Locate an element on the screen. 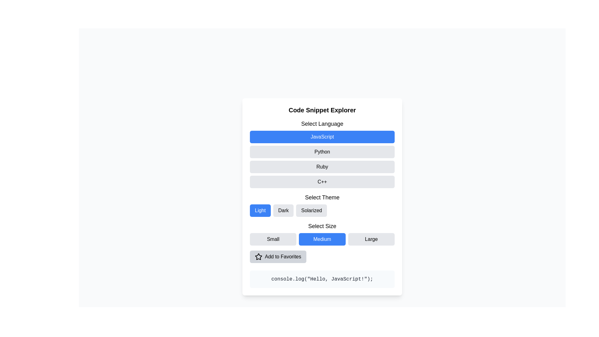  the text label that indicates the action of adding an item to the favorites list, which is aligned to the right of a star-shaped icon in a rectangular button component is located at coordinates (283, 256).